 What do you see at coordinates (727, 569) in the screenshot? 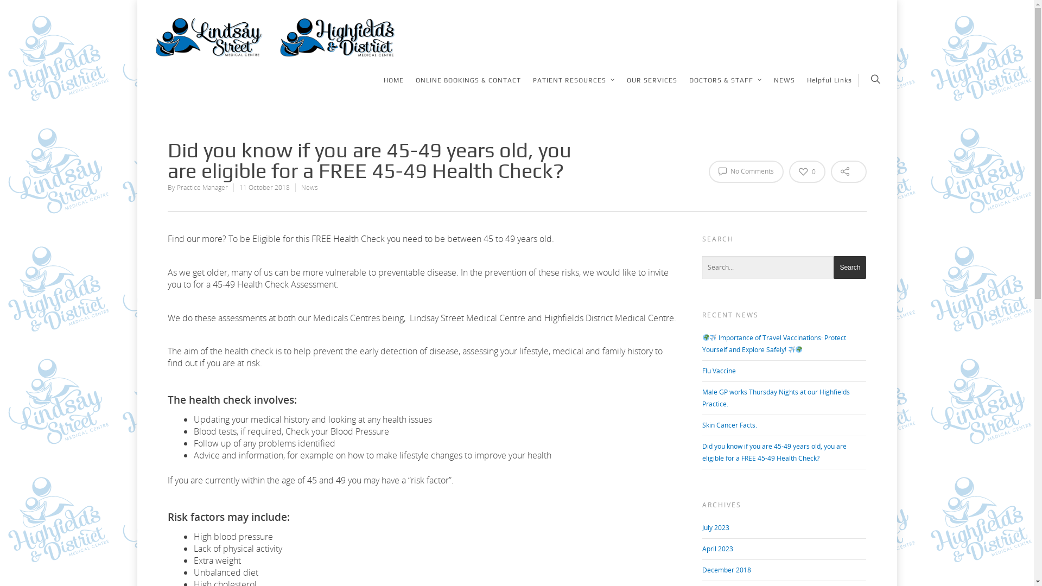
I see `'December 2018'` at bounding box center [727, 569].